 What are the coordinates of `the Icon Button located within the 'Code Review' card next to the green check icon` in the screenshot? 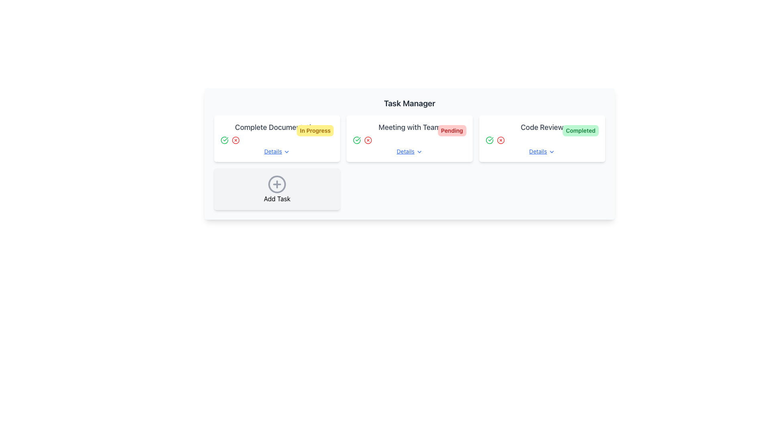 It's located at (500, 140).